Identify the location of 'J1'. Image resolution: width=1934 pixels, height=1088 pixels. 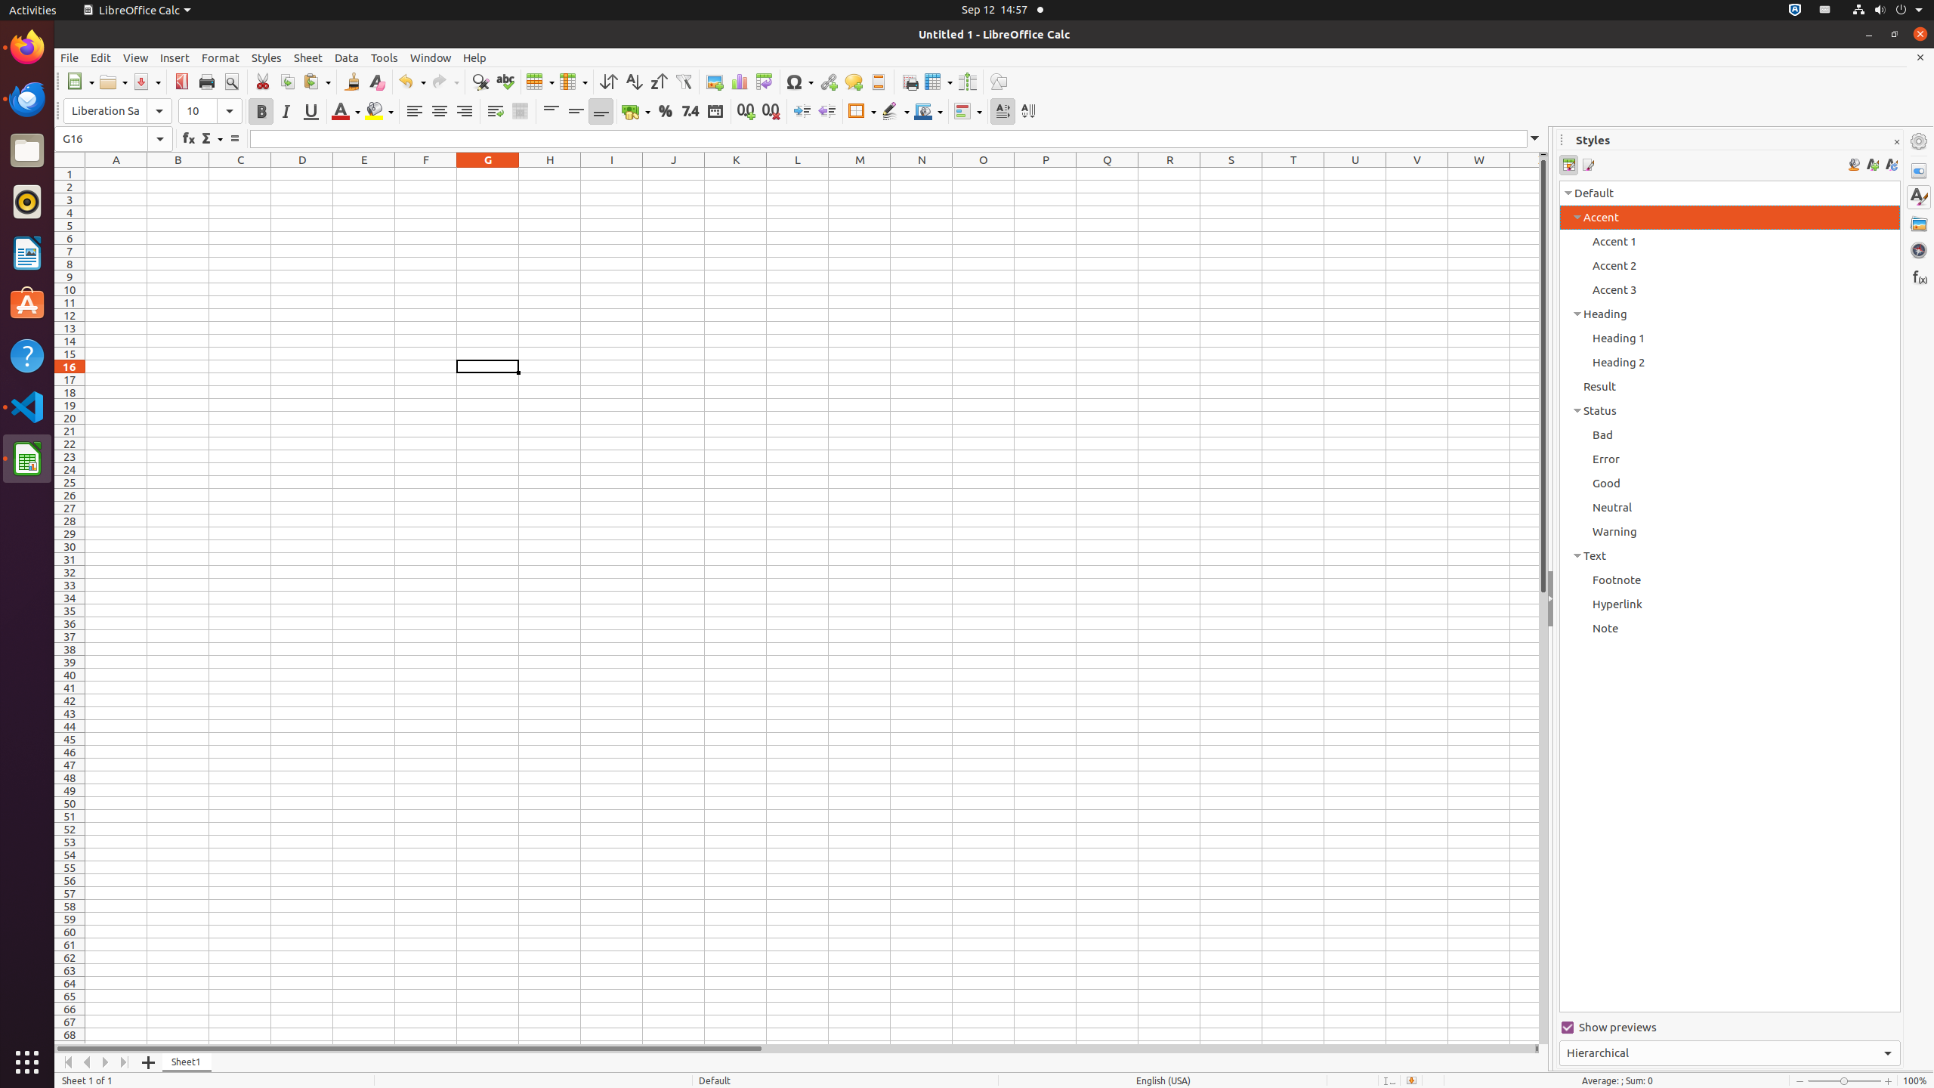
(672, 173).